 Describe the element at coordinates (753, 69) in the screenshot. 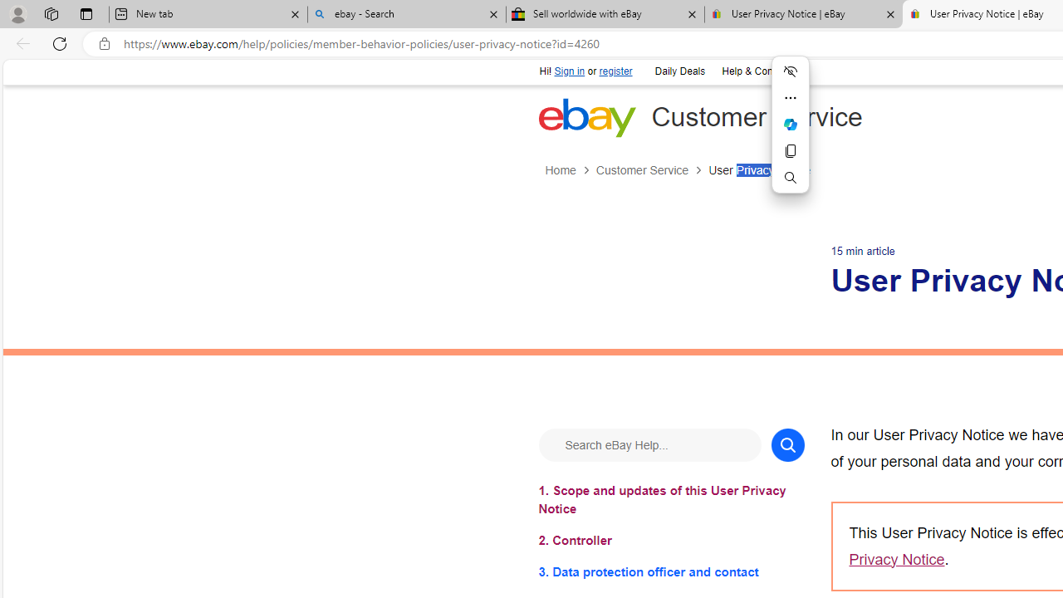

I see `'Help & Contact'` at that location.